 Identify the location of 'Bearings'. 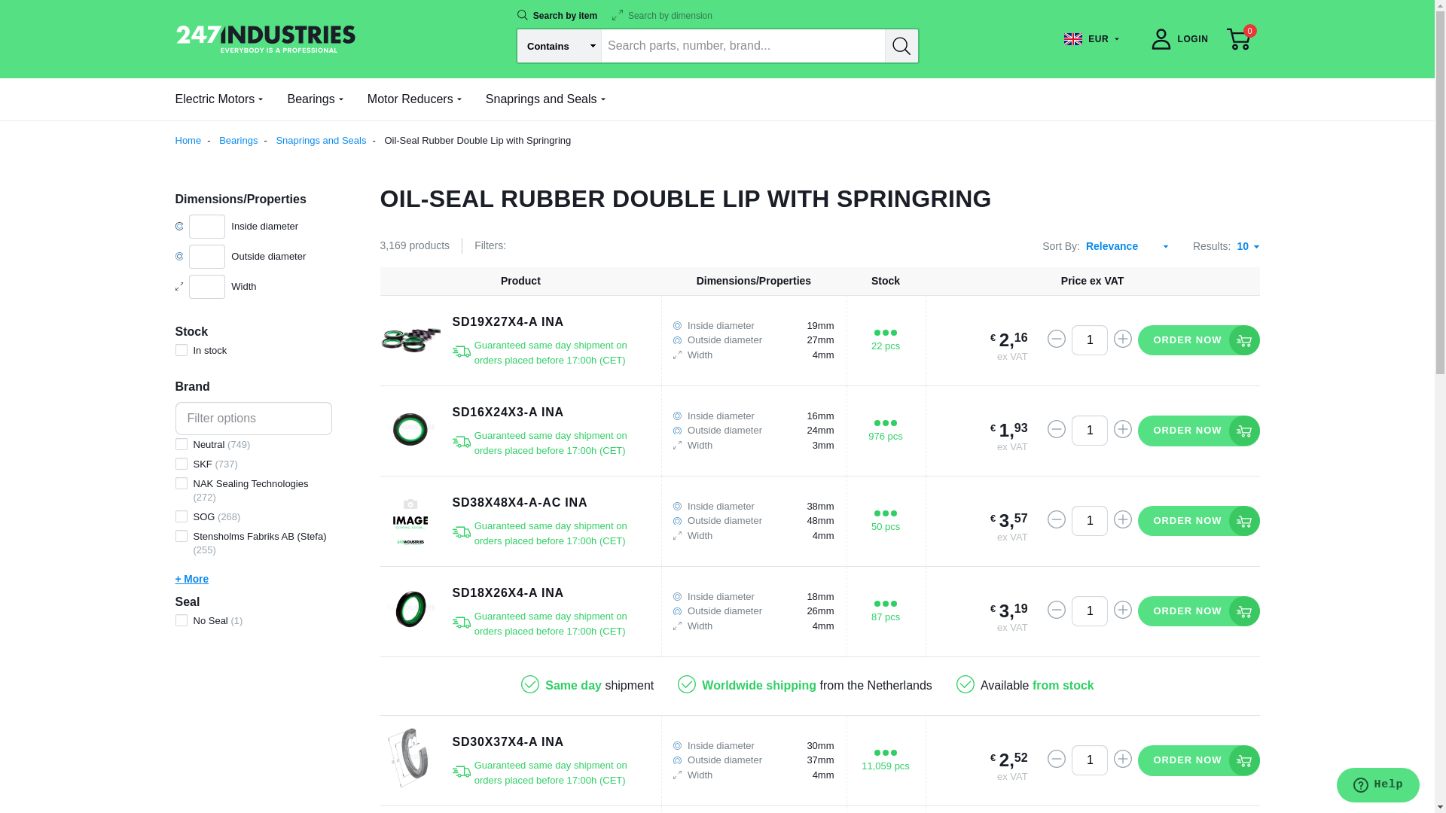
(246, 140).